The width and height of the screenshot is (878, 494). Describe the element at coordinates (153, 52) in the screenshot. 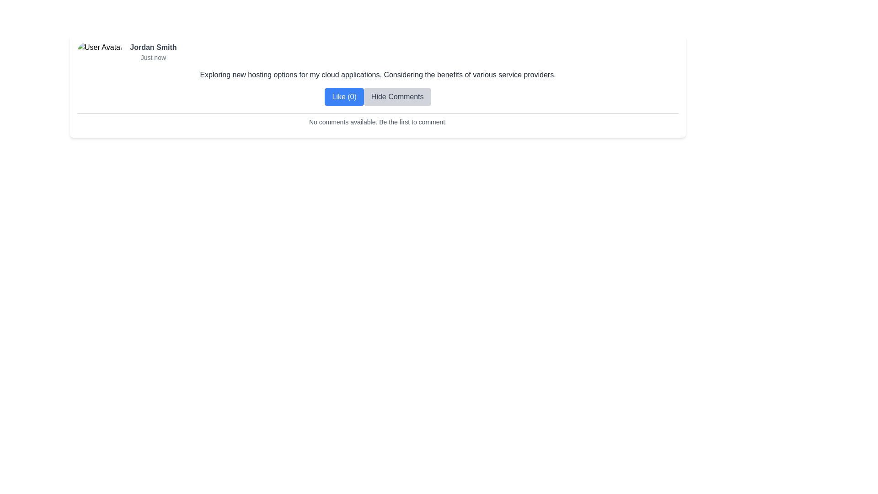

I see `the text block displaying 'Jordan Smith' as the author and 'Just now' as the timestamp, which is located to the right of the avatar image` at that location.